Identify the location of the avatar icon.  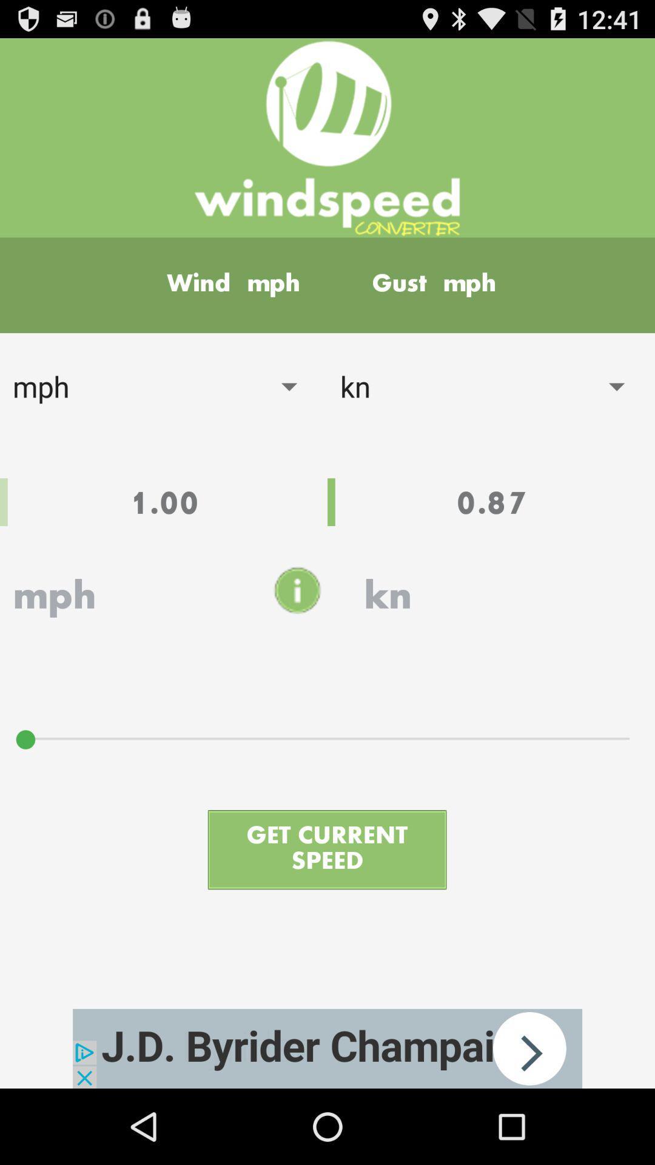
(297, 631).